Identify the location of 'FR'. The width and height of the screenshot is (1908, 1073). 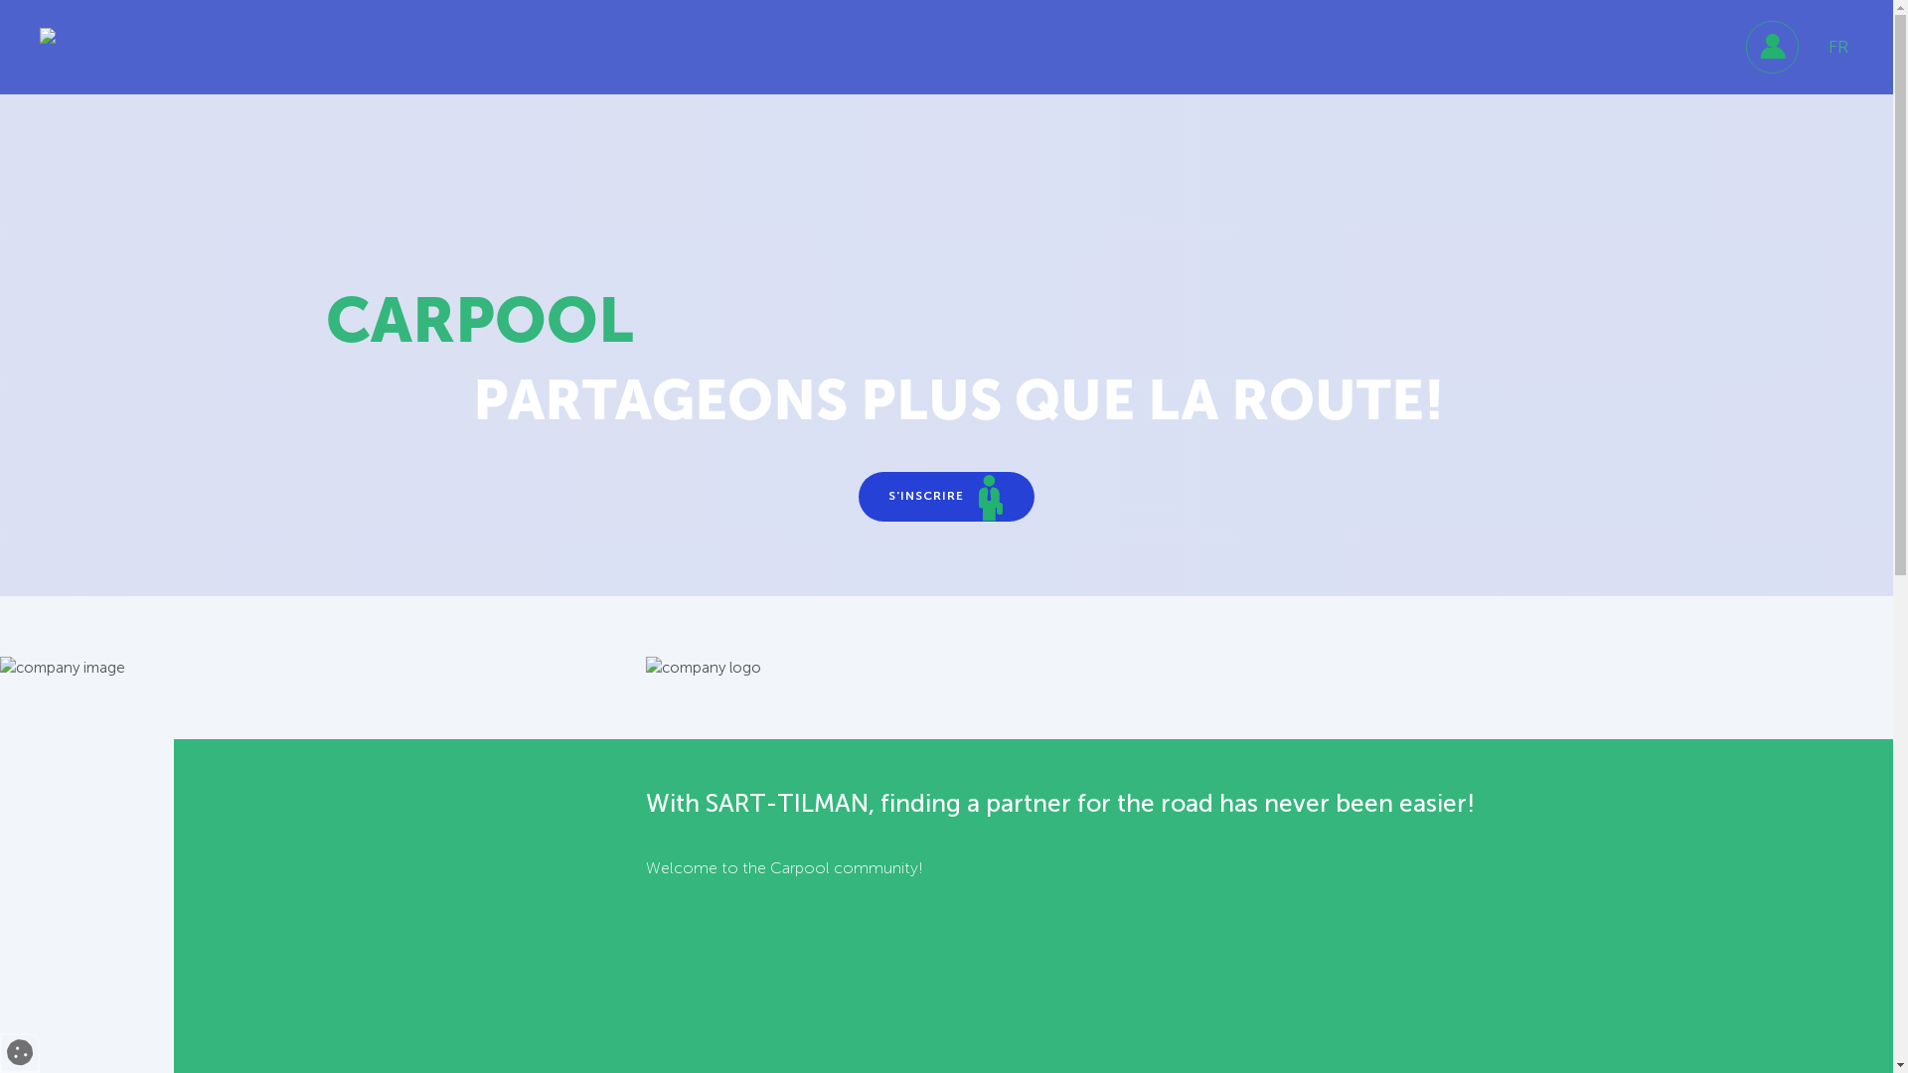
(1836, 45).